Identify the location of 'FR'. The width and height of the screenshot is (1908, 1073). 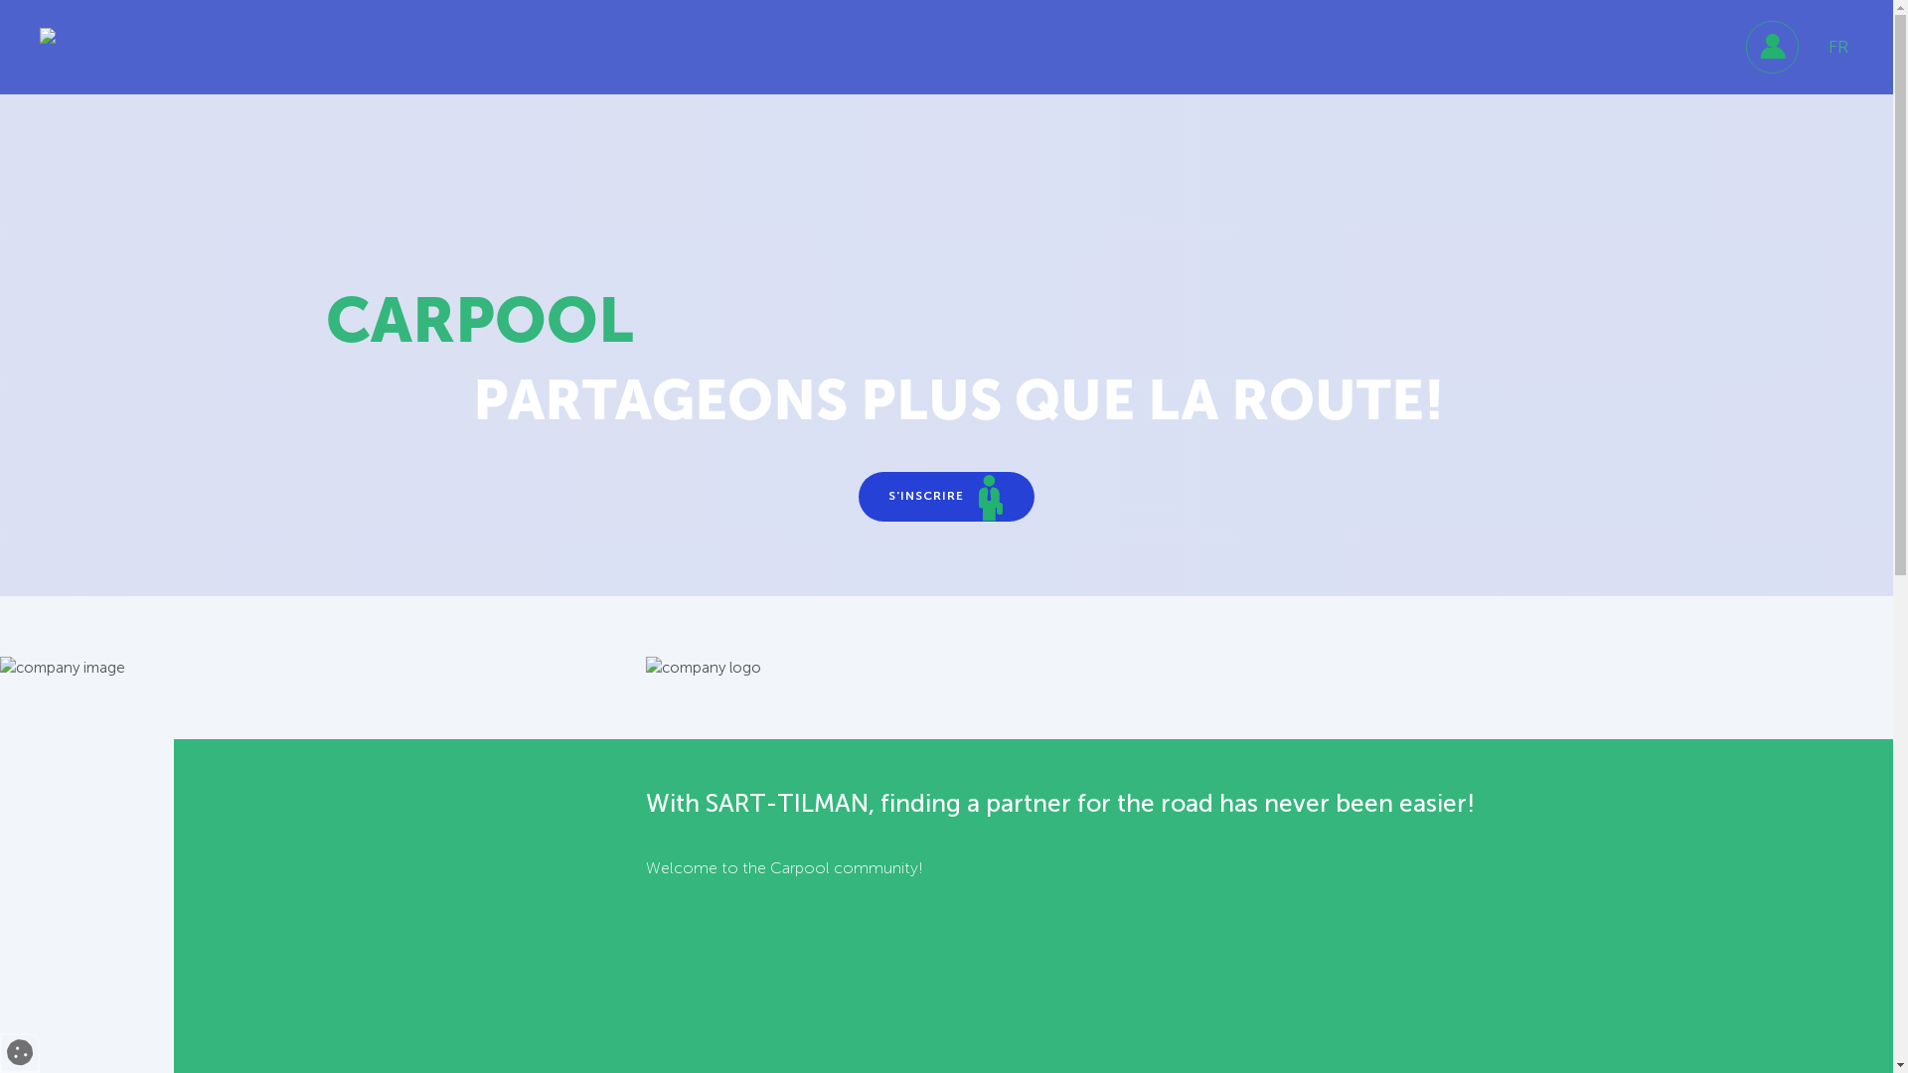
(1836, 45).